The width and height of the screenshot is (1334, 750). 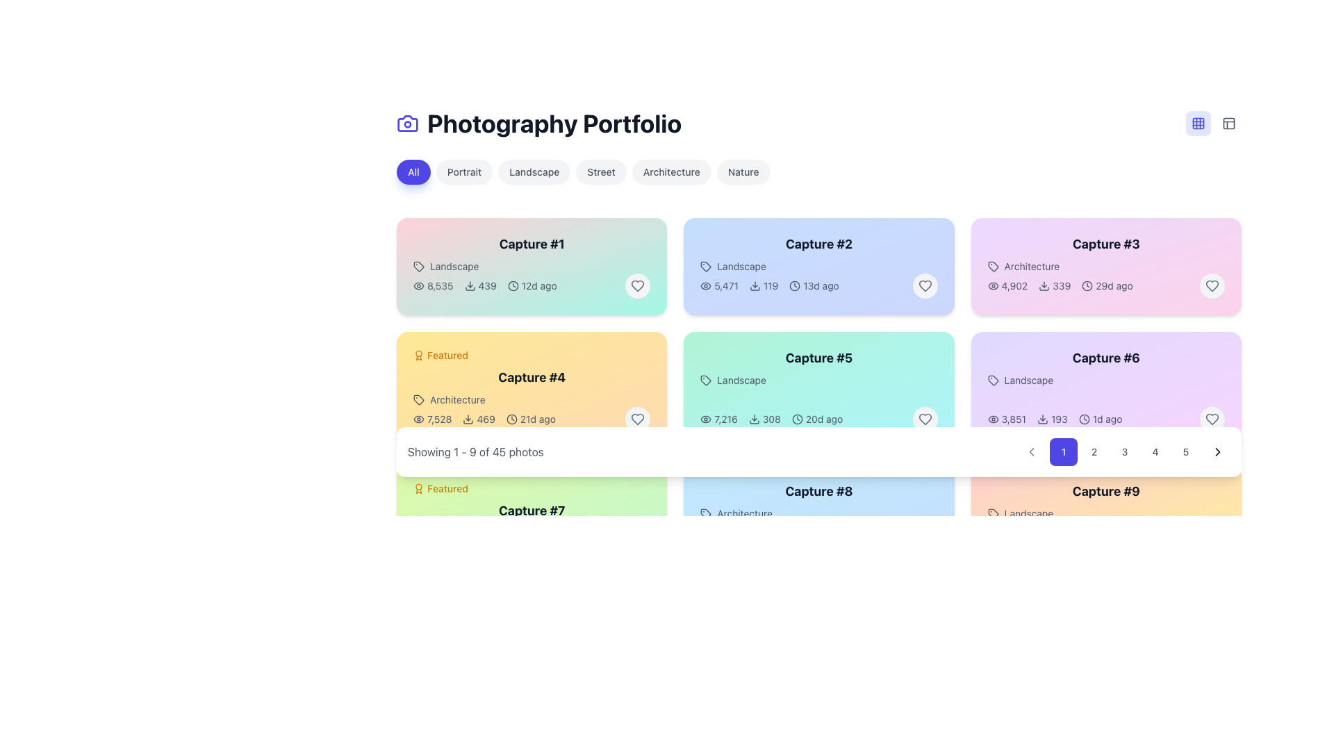 I want to click on the Information card representing a 'Landscape' project located in the third row and second column of the portfolio grid to observe interactivity, so click(x=819, y=367).